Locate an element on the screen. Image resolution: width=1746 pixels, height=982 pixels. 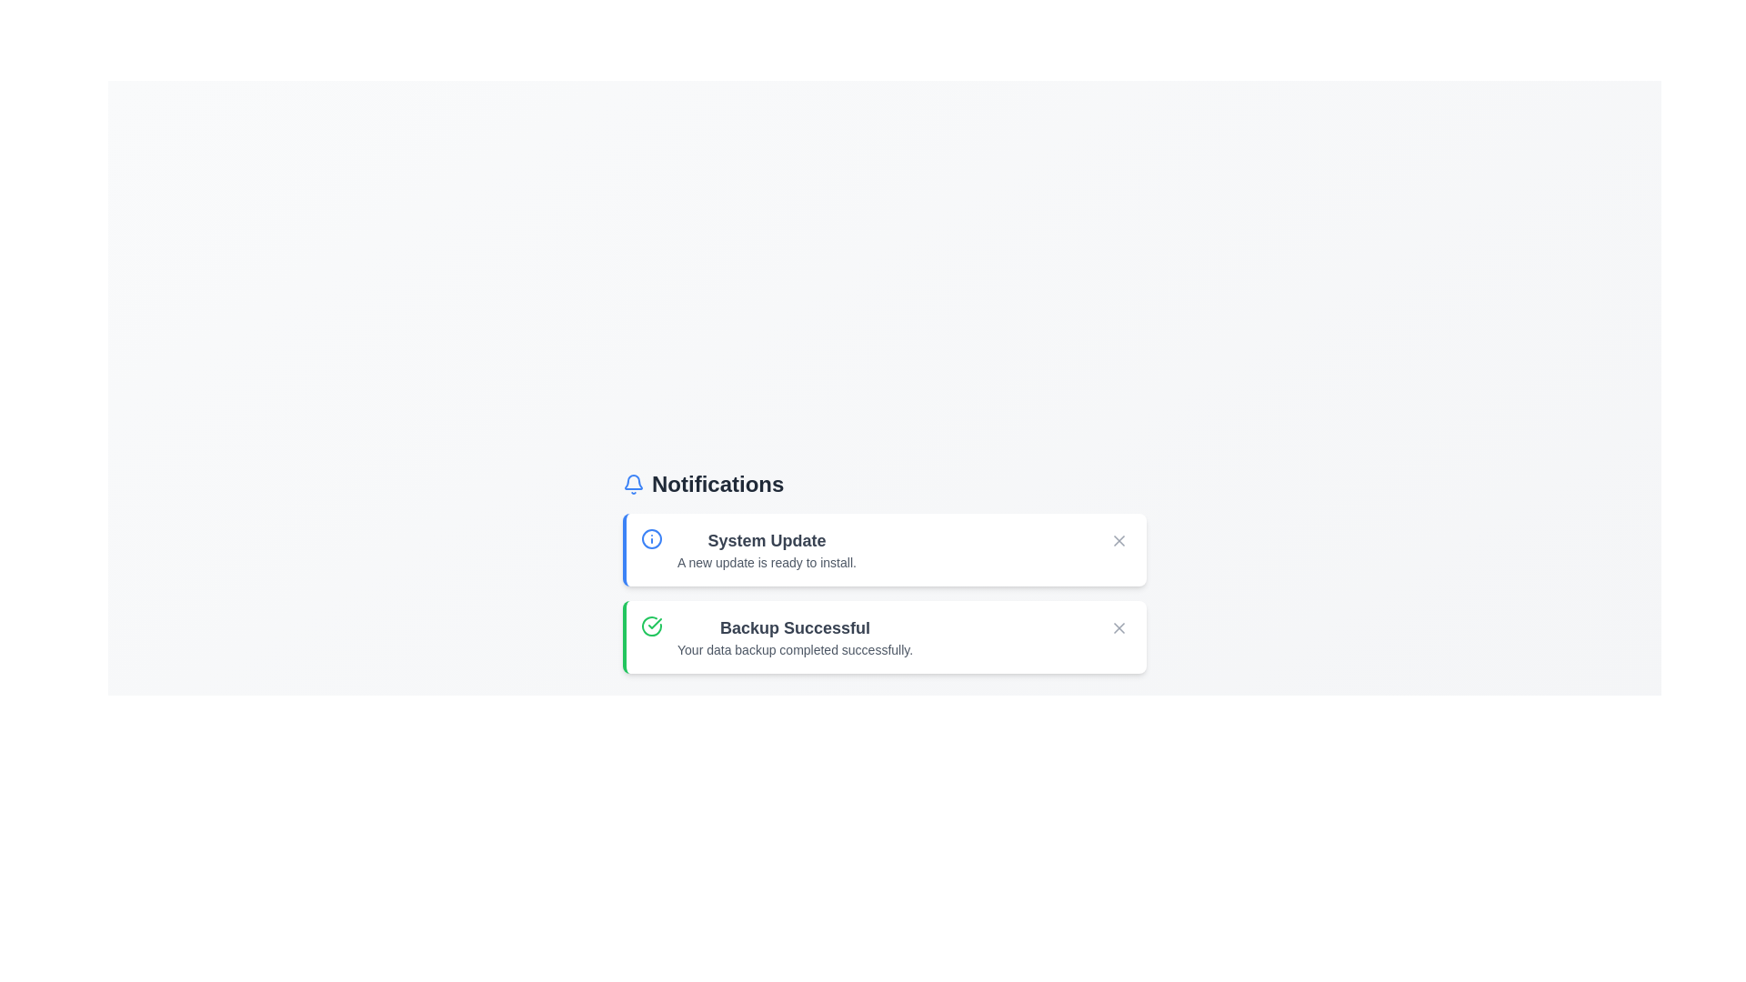
the dismiss button located in the upper-right corner of the 'System Update' notification card is located at coordinates (1118, 539).